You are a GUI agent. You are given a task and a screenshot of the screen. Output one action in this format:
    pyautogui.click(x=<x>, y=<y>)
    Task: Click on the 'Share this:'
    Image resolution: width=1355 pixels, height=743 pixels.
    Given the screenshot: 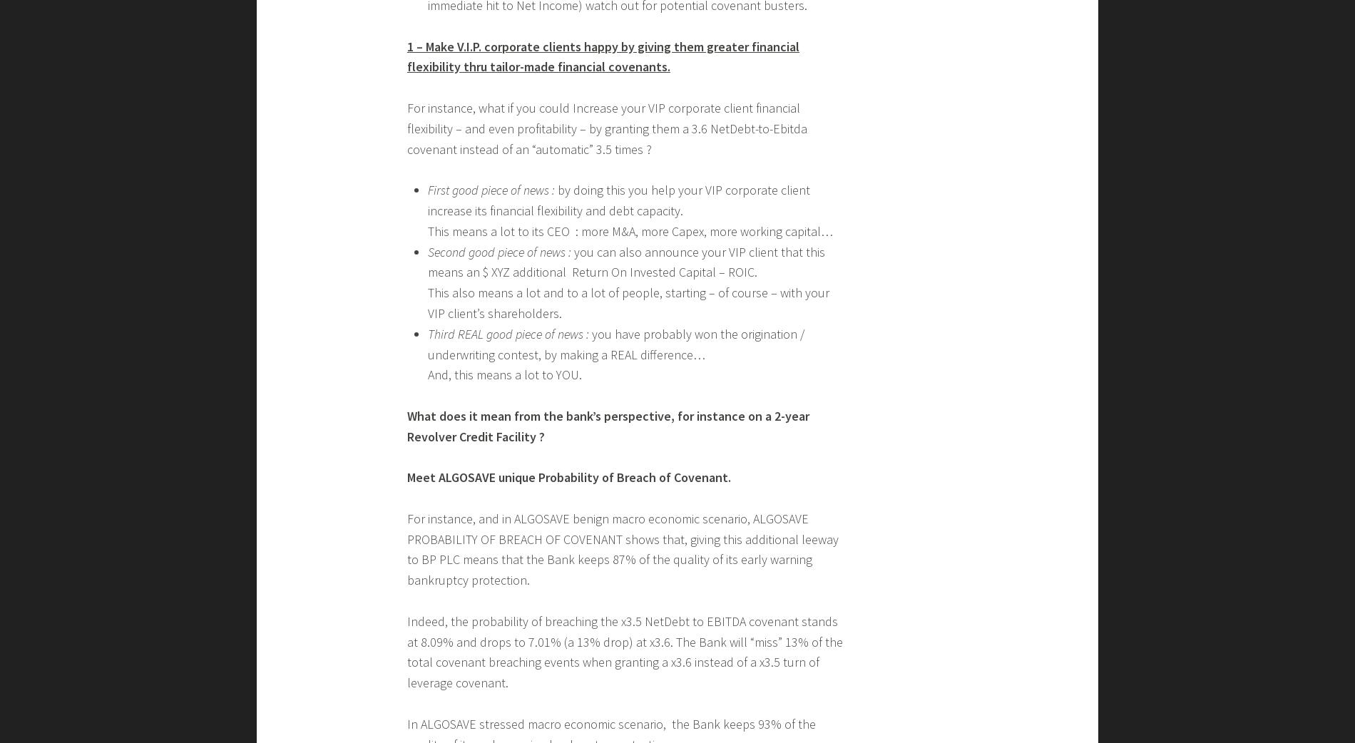 What is the action you would take?
    pyautogui.click(x=425, y=9)
    